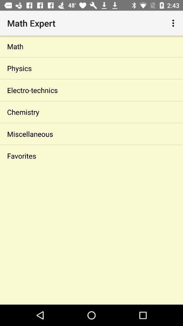 The image size is (183, 326). Describe the element at coordinates (91, 90) in the screenshot. I see `the icon below the physics icon` at that location.